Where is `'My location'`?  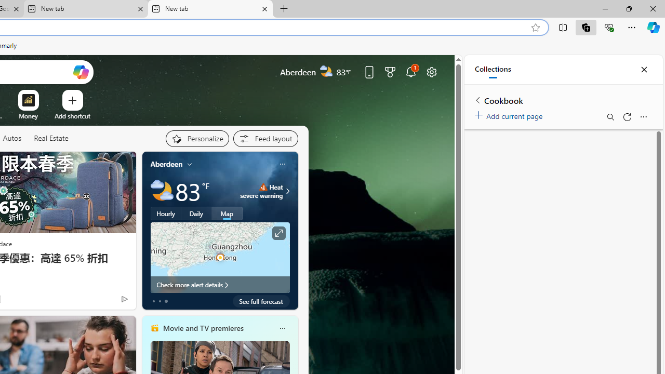
'My location' is located at coordinates (190, 164).